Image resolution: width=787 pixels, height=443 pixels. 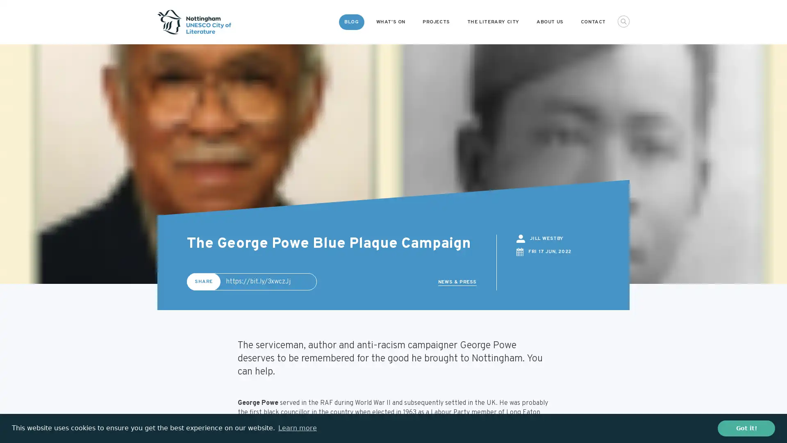 What do you see at coordinates (746, 428) in the screenshot?
I see `dismiss cookie message` at bounding box center [746, 428].